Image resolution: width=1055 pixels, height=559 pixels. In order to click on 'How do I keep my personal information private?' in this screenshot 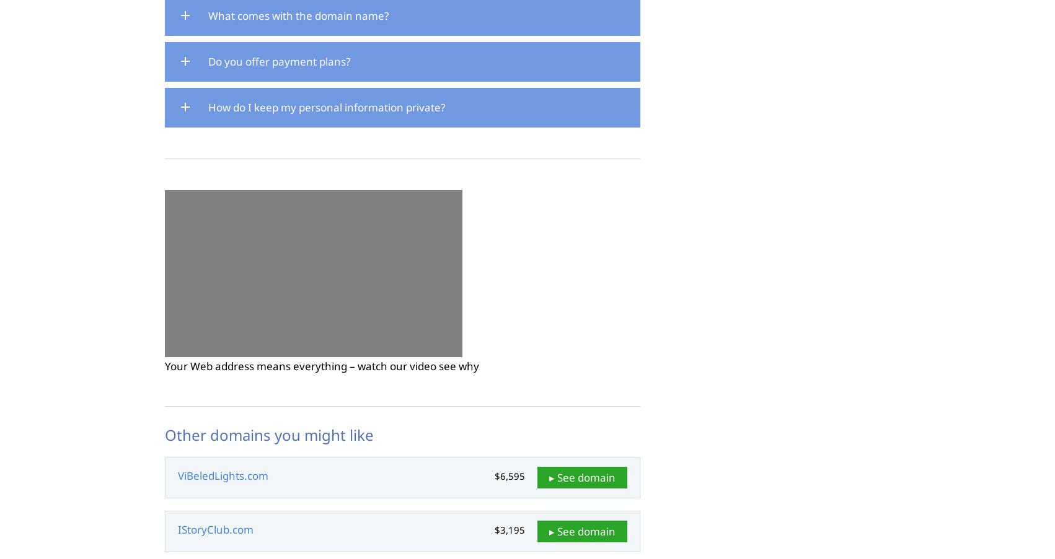, I will do `click(325, 106)`.